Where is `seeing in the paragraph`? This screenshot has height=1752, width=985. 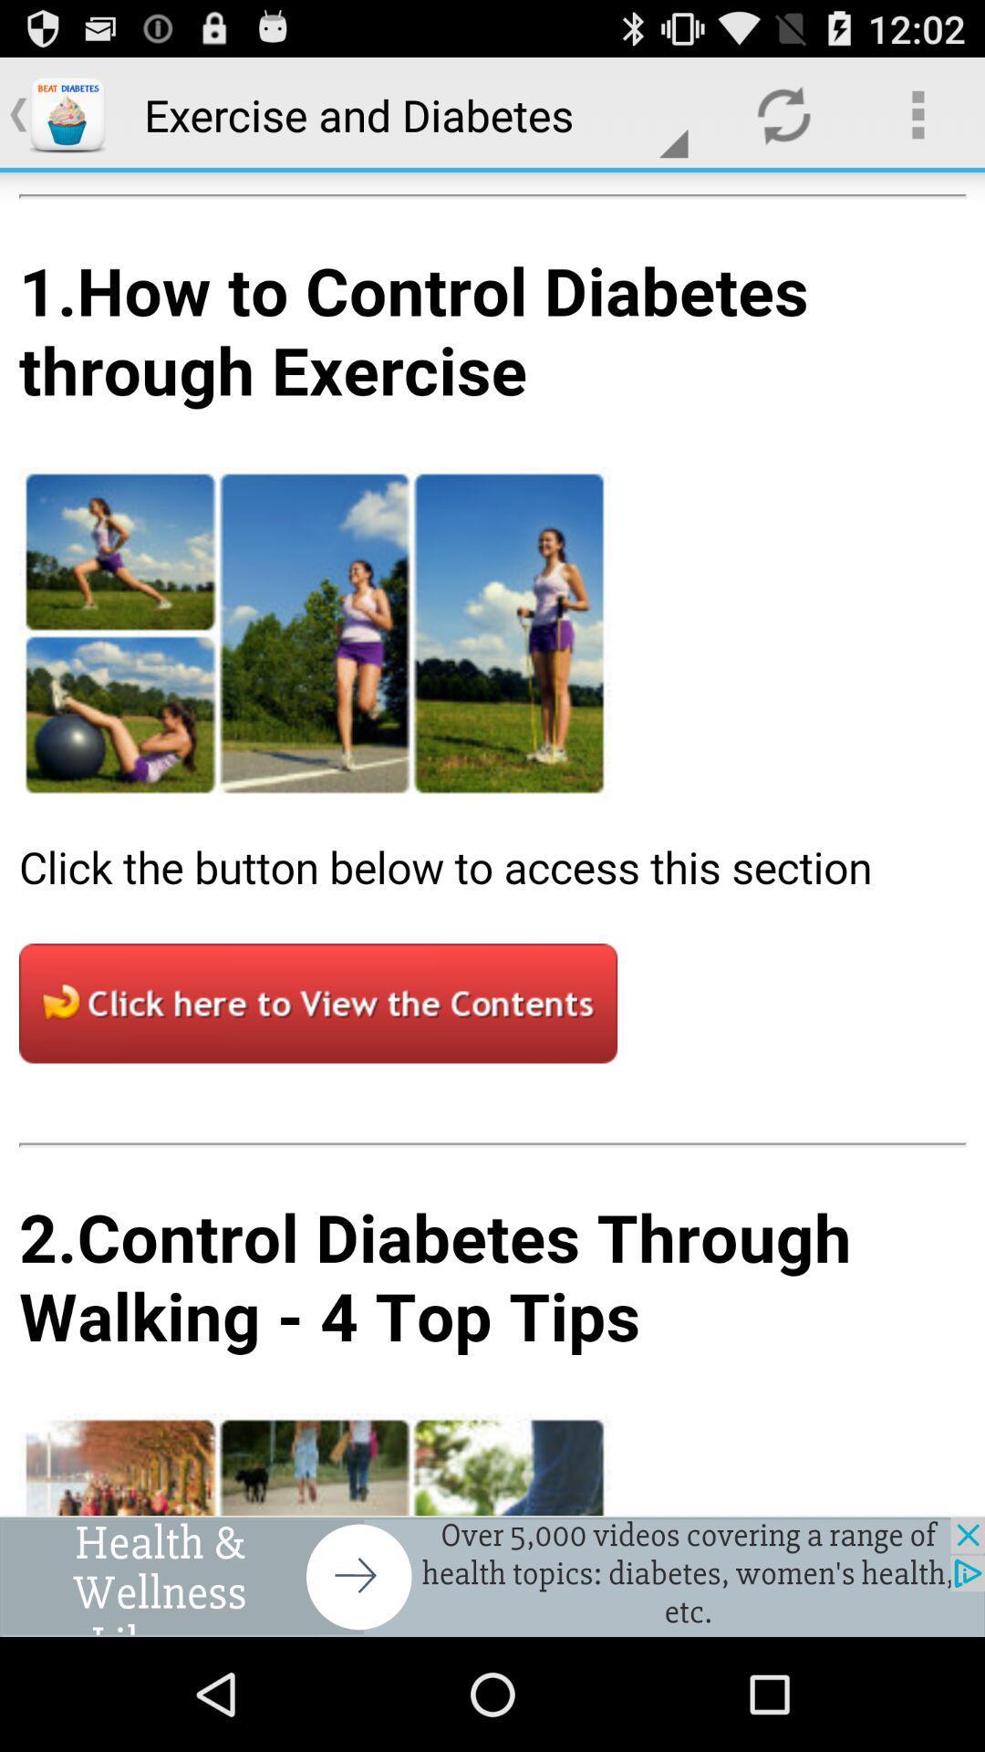
seeing in the paragraph is located at coordinates (493, 843).